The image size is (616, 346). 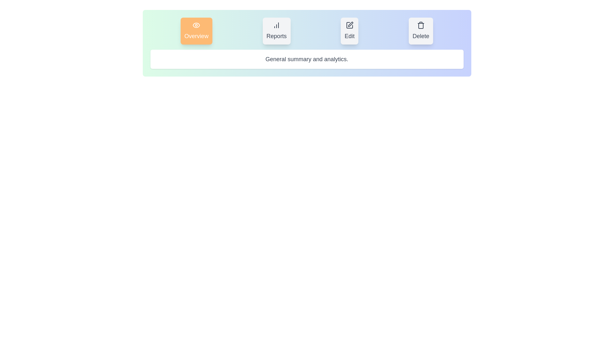 What do you see at coordinates (421, 31) in the screenshot?
I see `the Delete tab by clicking on its button` at bounding box center [421, 31].